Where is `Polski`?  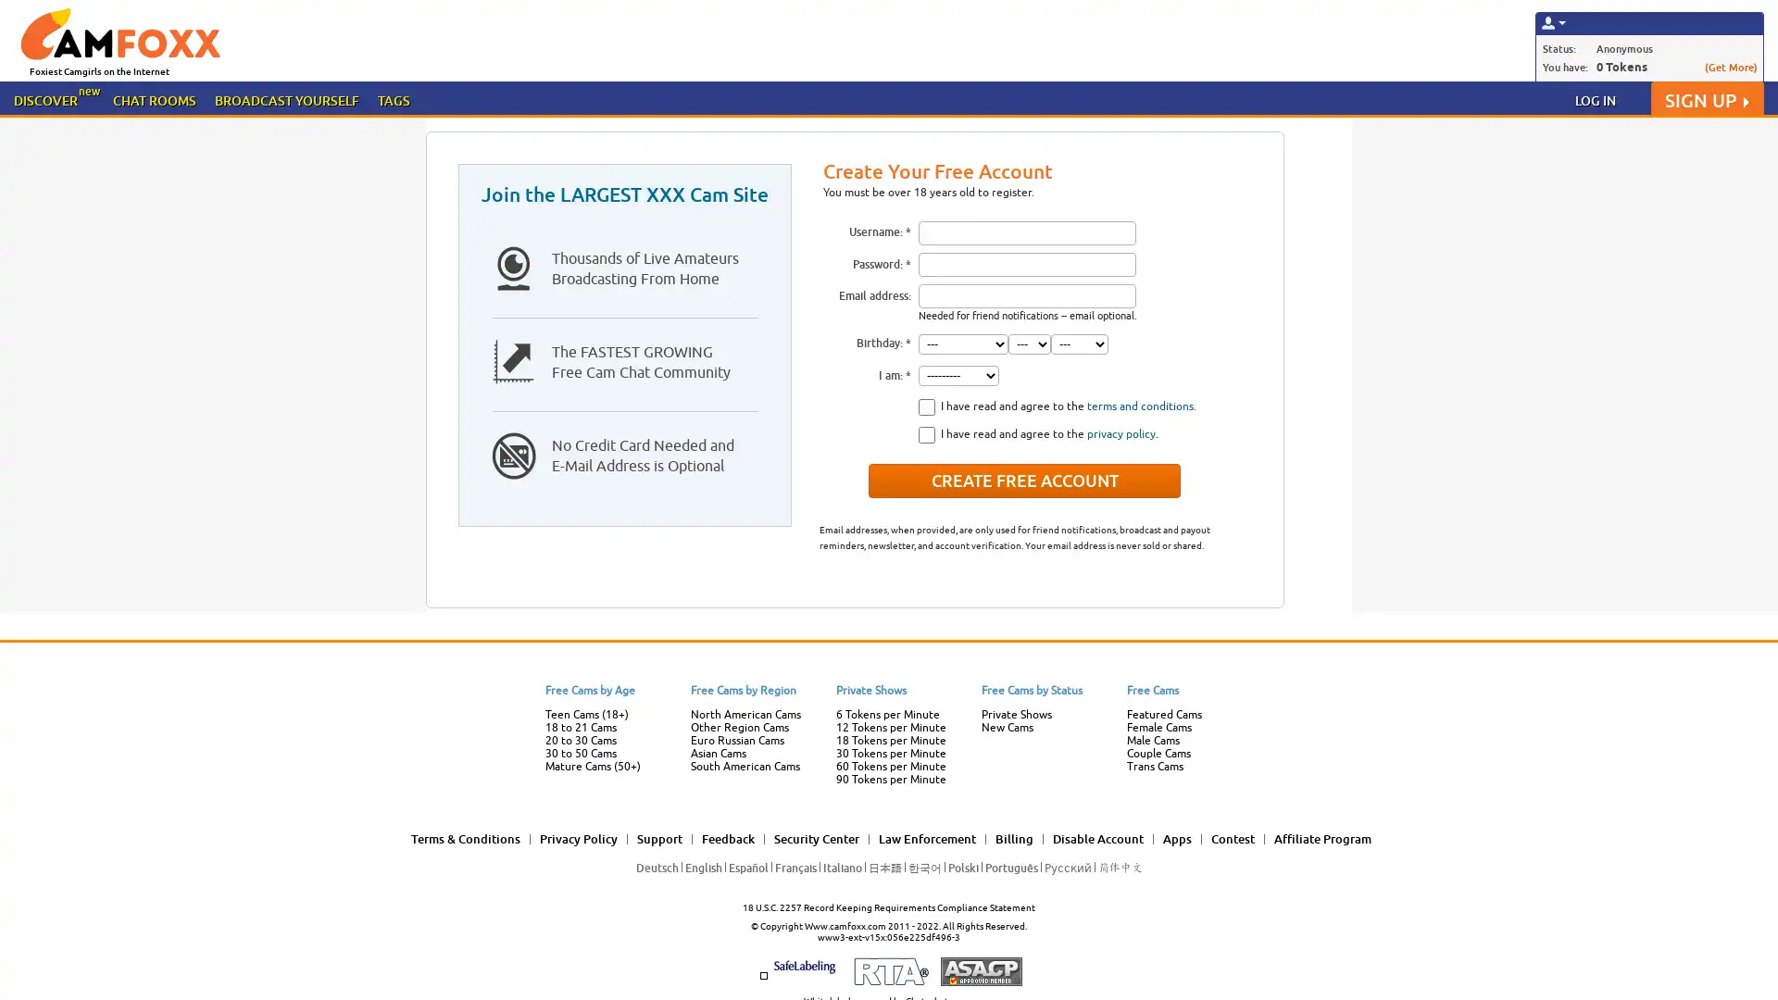 Polski is located at coordinates (963, 868).